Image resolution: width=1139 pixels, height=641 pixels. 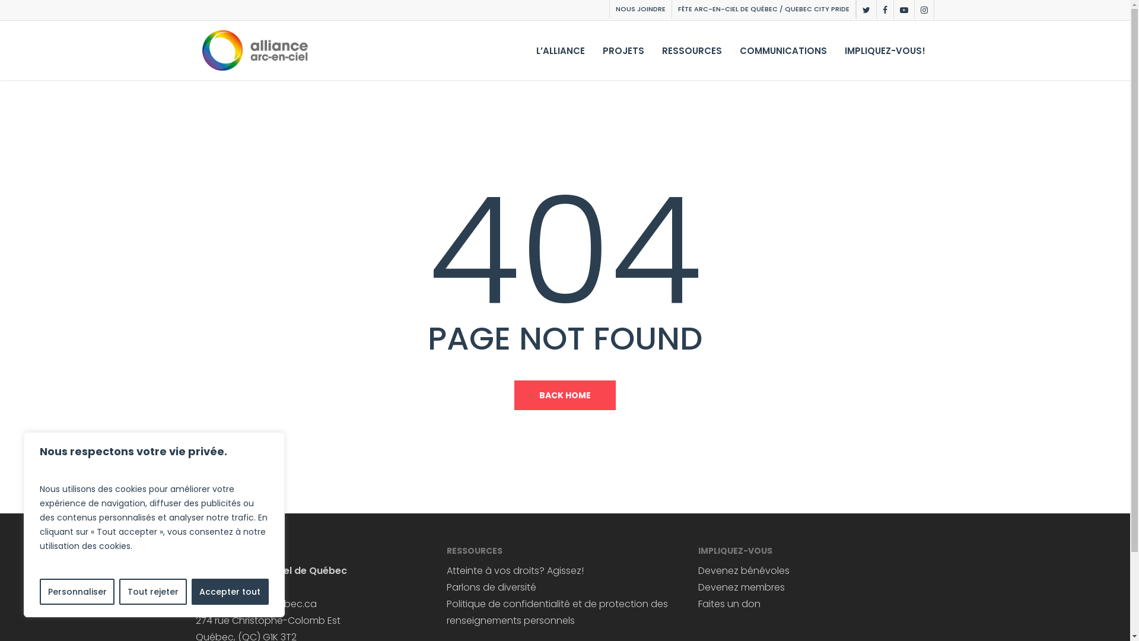 I want to click on 'YOUTUBE', so click(x=903, y=9).